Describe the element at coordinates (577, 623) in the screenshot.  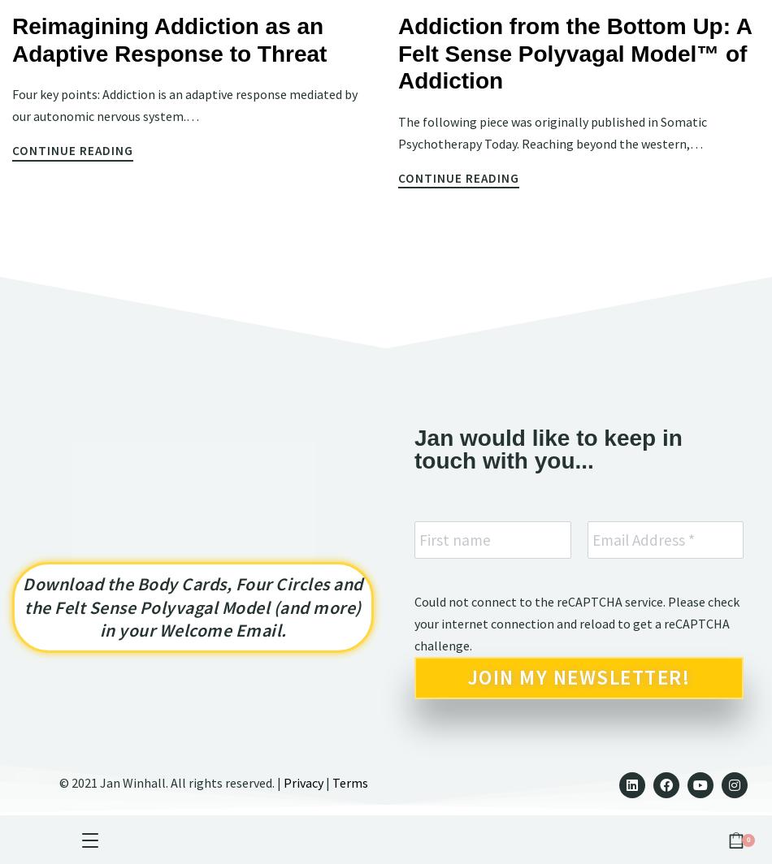
I see `'Could not connect to the reCAPTCHA service. Please check your internet connection and reload to get a reCAPTCHA challenge.'` at that location.